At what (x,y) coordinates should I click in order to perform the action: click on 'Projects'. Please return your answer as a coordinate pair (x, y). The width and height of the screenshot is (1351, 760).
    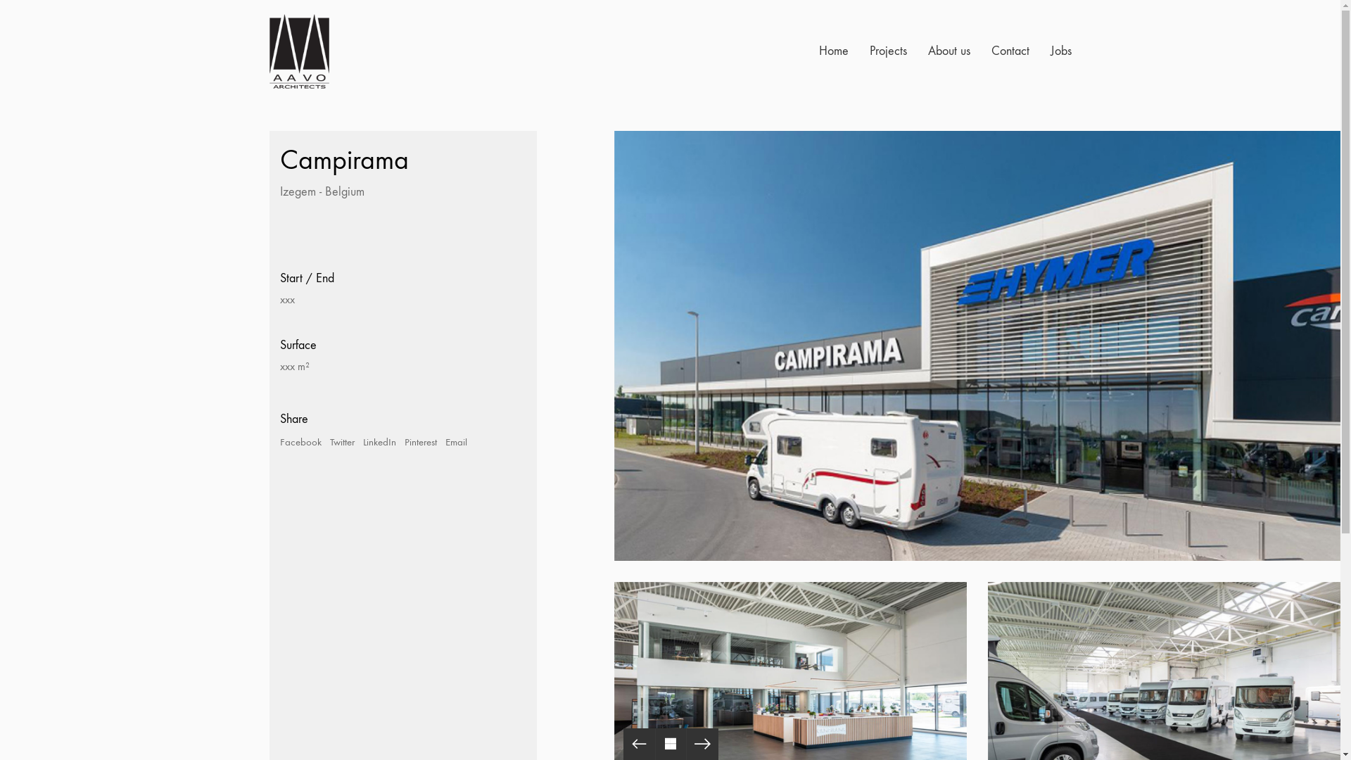
    Looking at the image, I should click on (887, 51).